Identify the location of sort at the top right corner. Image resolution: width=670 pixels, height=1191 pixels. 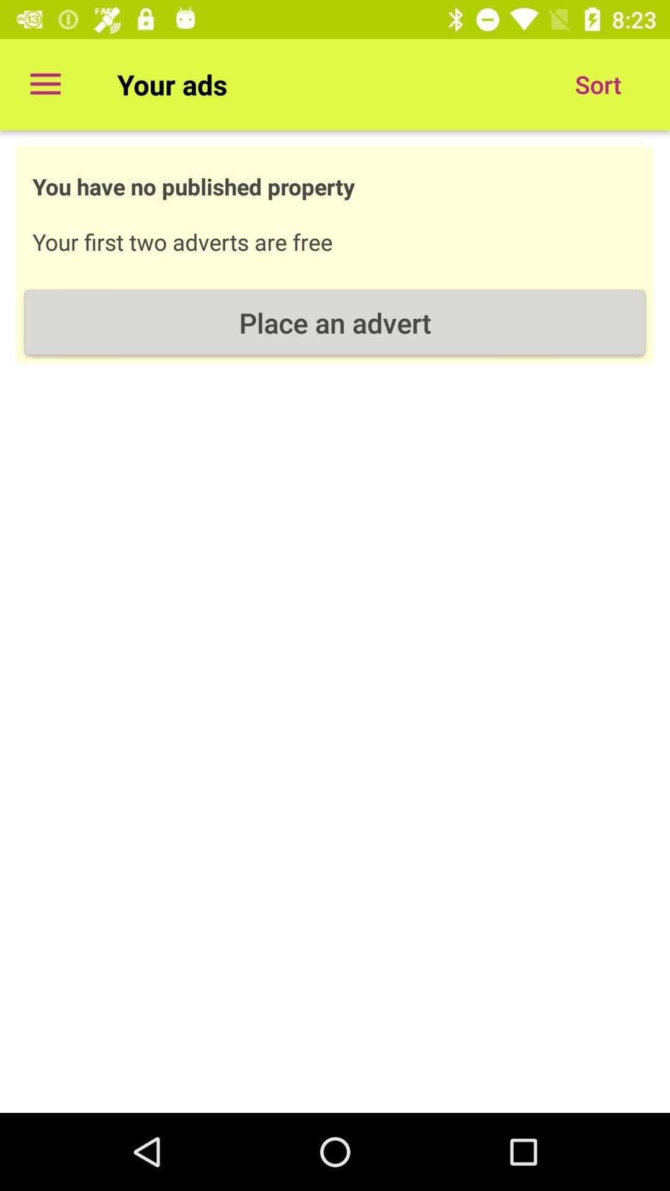
(597, 84).